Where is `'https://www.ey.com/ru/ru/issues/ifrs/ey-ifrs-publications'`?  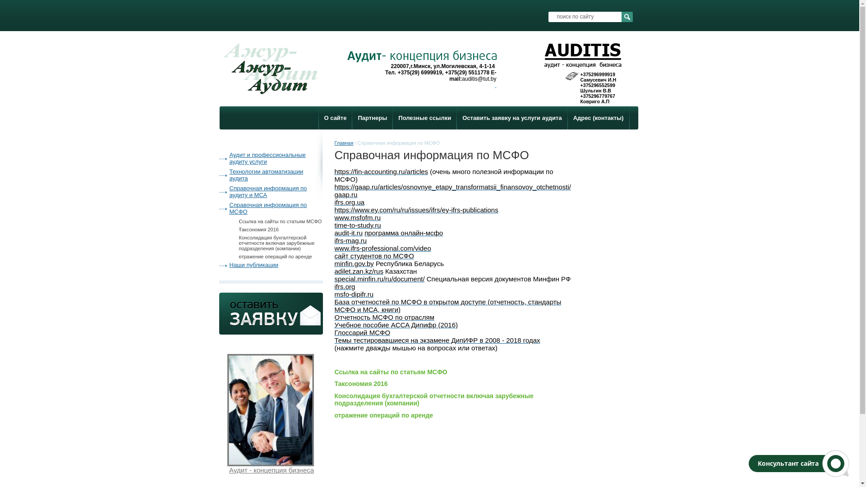 'https://www.ey.com/ru/ru/issues/ifrs/ey-ifrs-publications' is located at coordinates (416, 210).